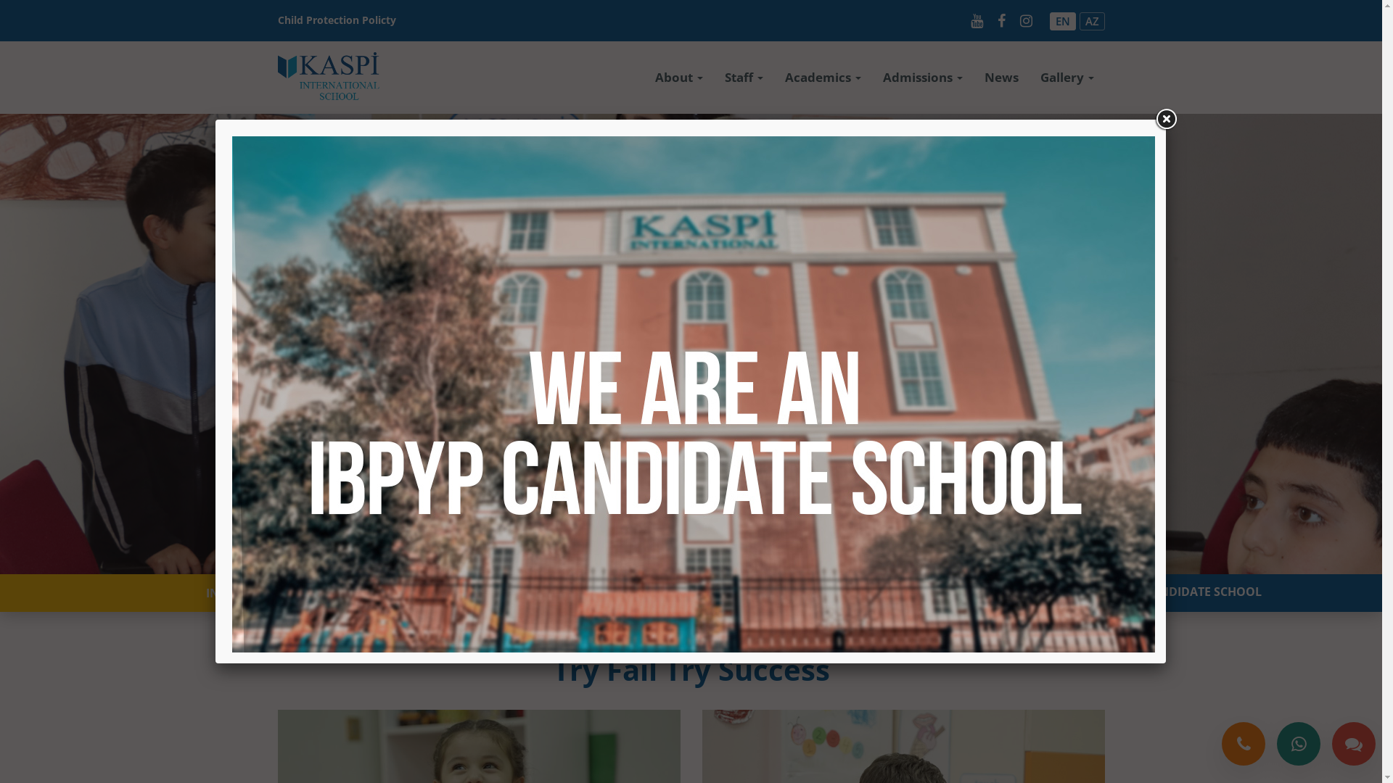 The image size is (1393, 783). I want to click on 'About', so click(678, 78).